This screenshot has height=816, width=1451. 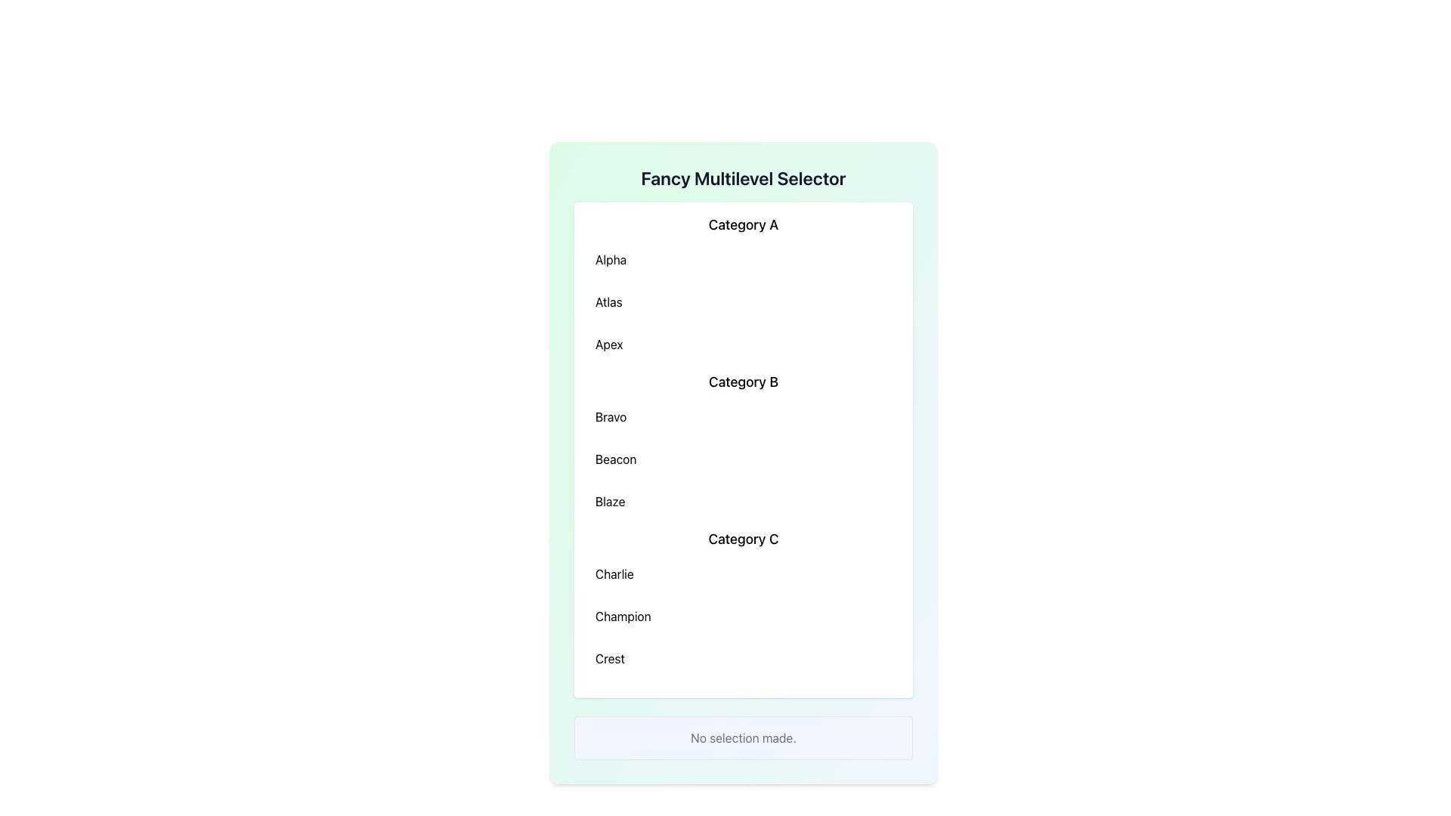 What do you see at coordinates (614, 573) in the screenshot?
I see `the label displaying the name 'Charlie', which is the first item under the 'Category C' heading in the structured list` at bounding box center [614, 573].